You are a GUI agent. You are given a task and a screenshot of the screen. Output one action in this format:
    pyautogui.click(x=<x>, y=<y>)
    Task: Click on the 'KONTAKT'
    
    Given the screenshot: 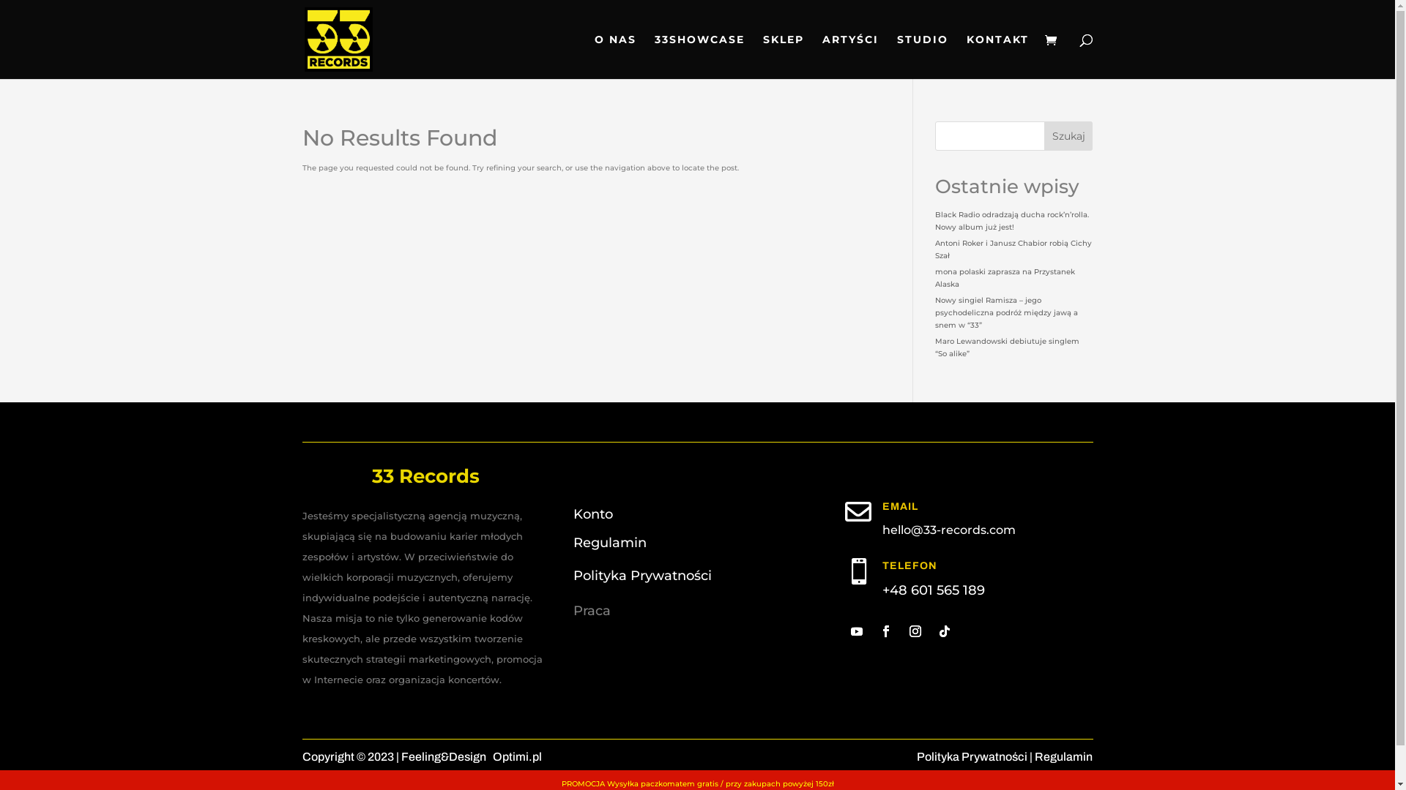 What is the action you would take?
    pyautogui.click(x=997, y=56)
    